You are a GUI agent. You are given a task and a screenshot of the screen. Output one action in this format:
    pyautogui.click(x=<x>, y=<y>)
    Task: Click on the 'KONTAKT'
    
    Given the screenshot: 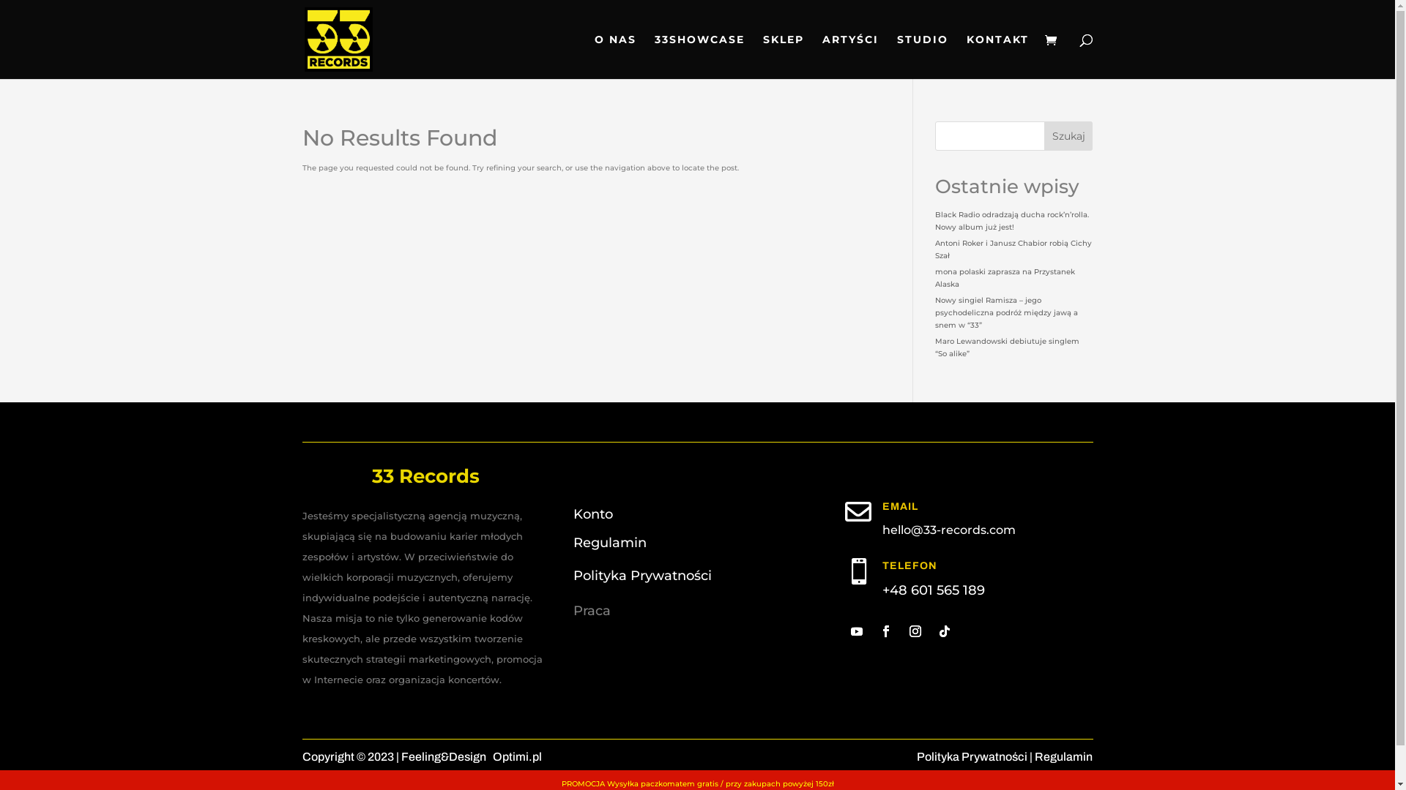 What is the action you would take?
    pyautogui.click(x=997, y=56)
    